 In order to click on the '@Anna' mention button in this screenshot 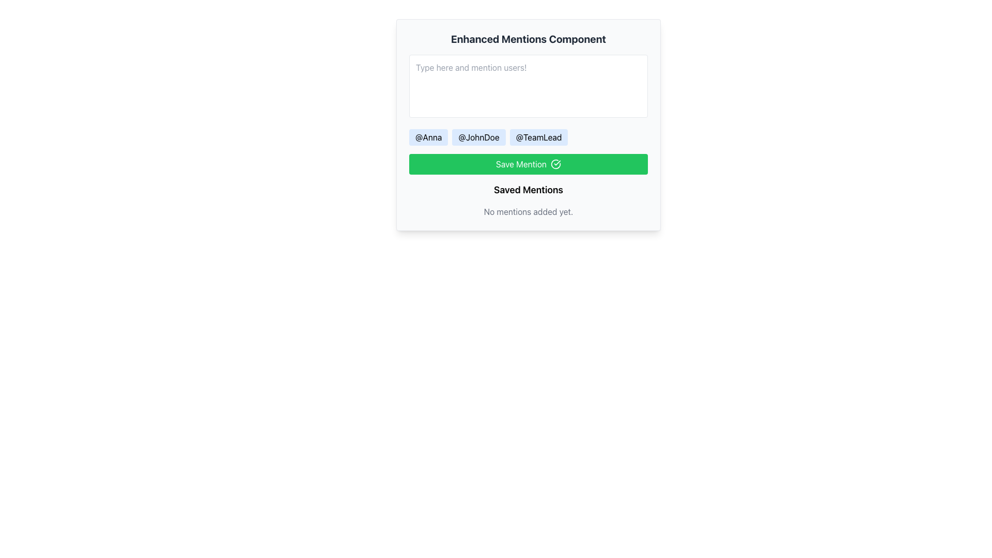, I will do `click(428, 137)`.